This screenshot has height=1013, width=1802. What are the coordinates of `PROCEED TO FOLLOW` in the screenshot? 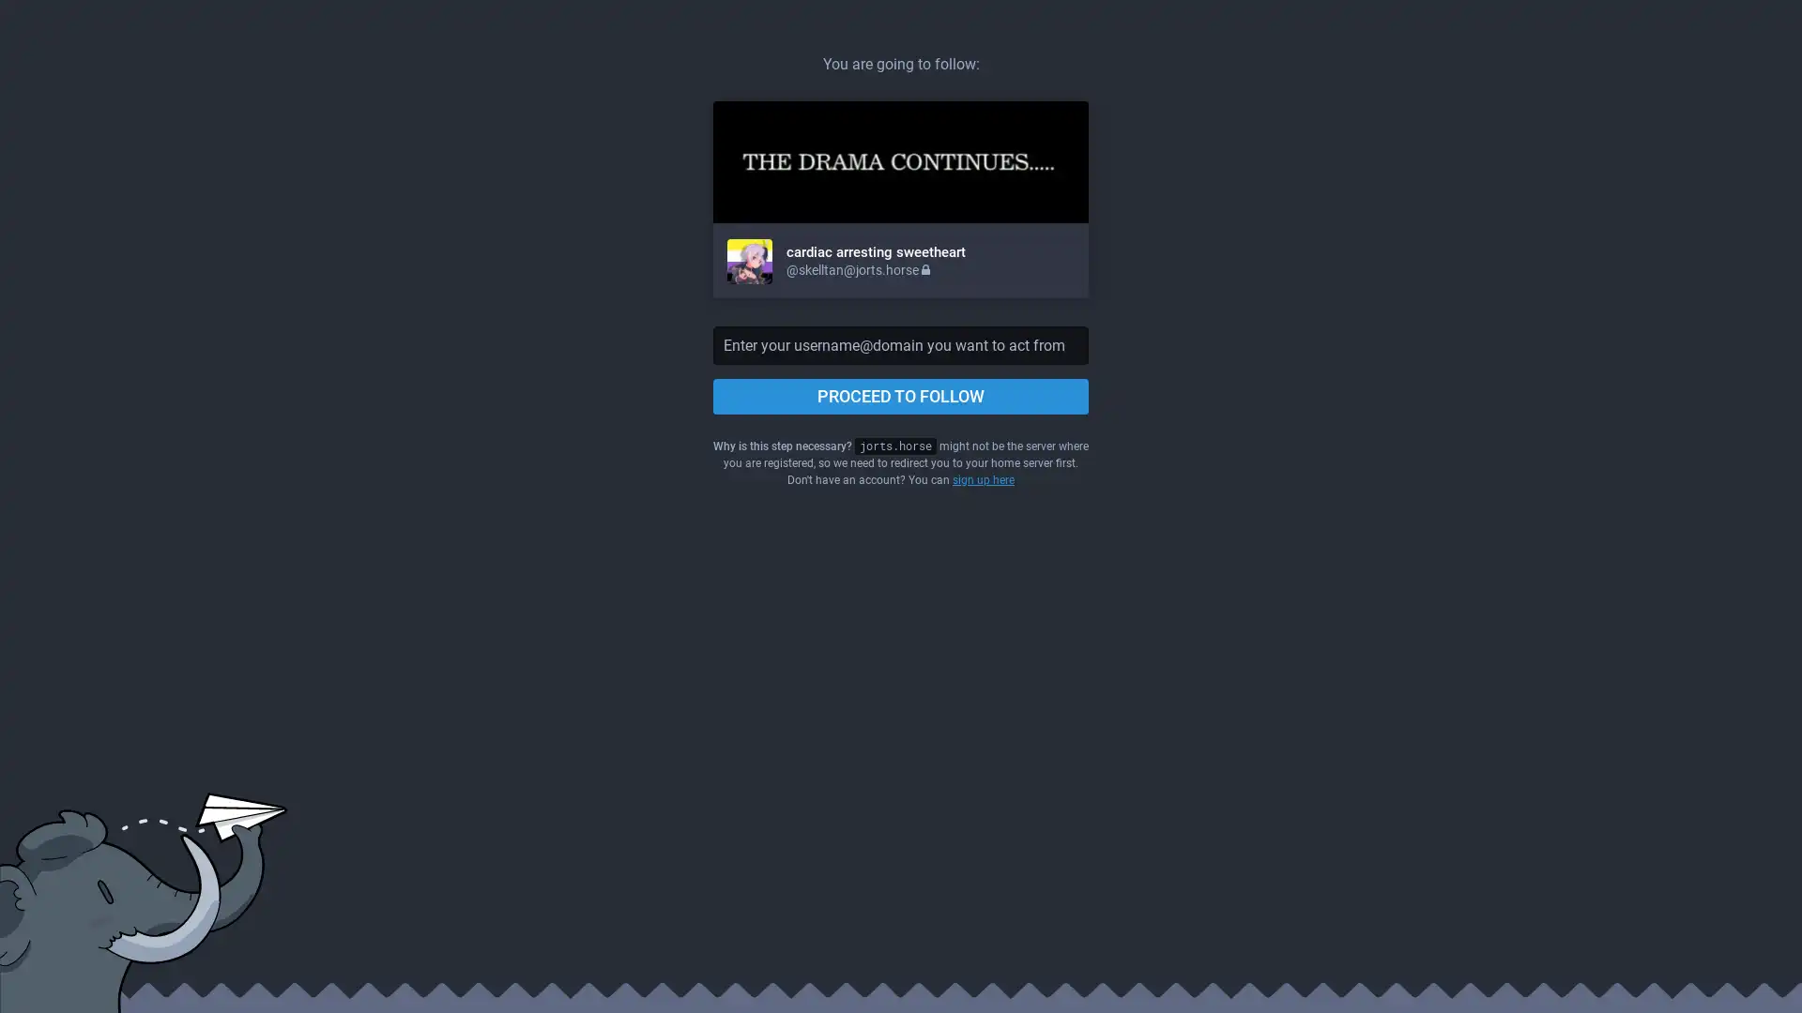 It's located at (901, 396).